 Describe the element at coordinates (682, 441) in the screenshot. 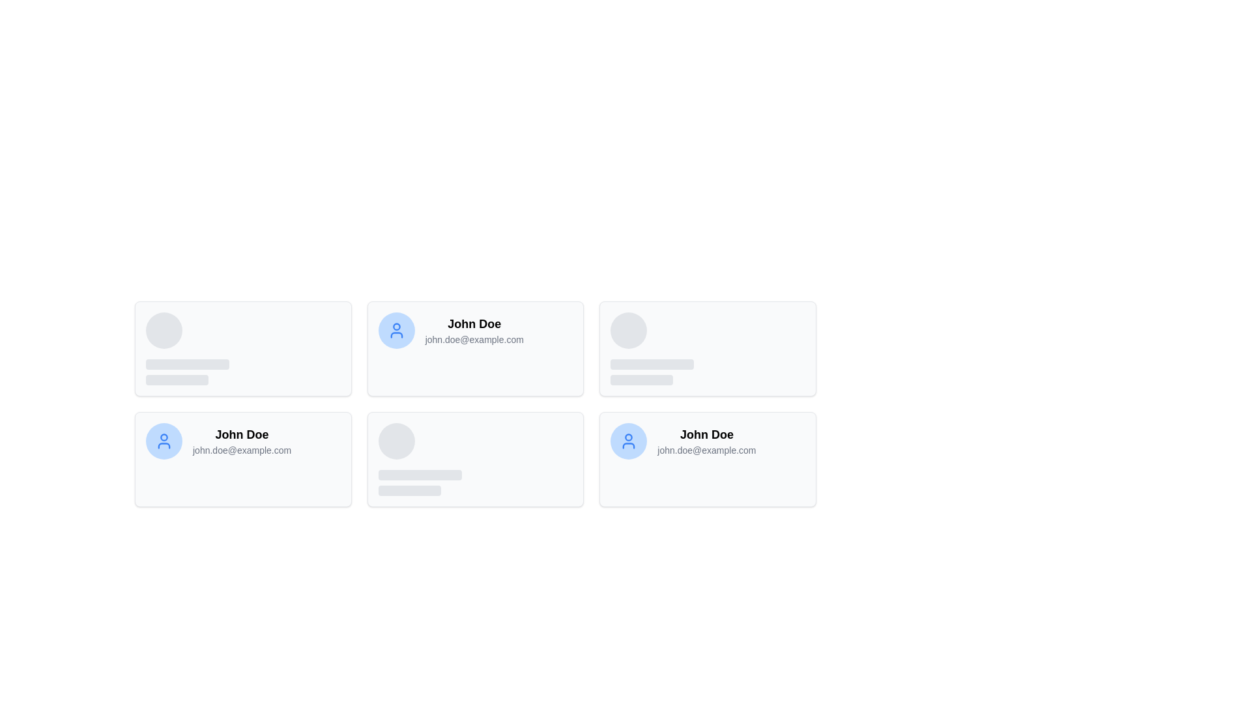

I see `to select the User Information Card which features a blue circular icon with a user silhouette, the name 'John Doe' in bold, and the email 'john.doe@example.com' in smaller gray font underneath` at that location.